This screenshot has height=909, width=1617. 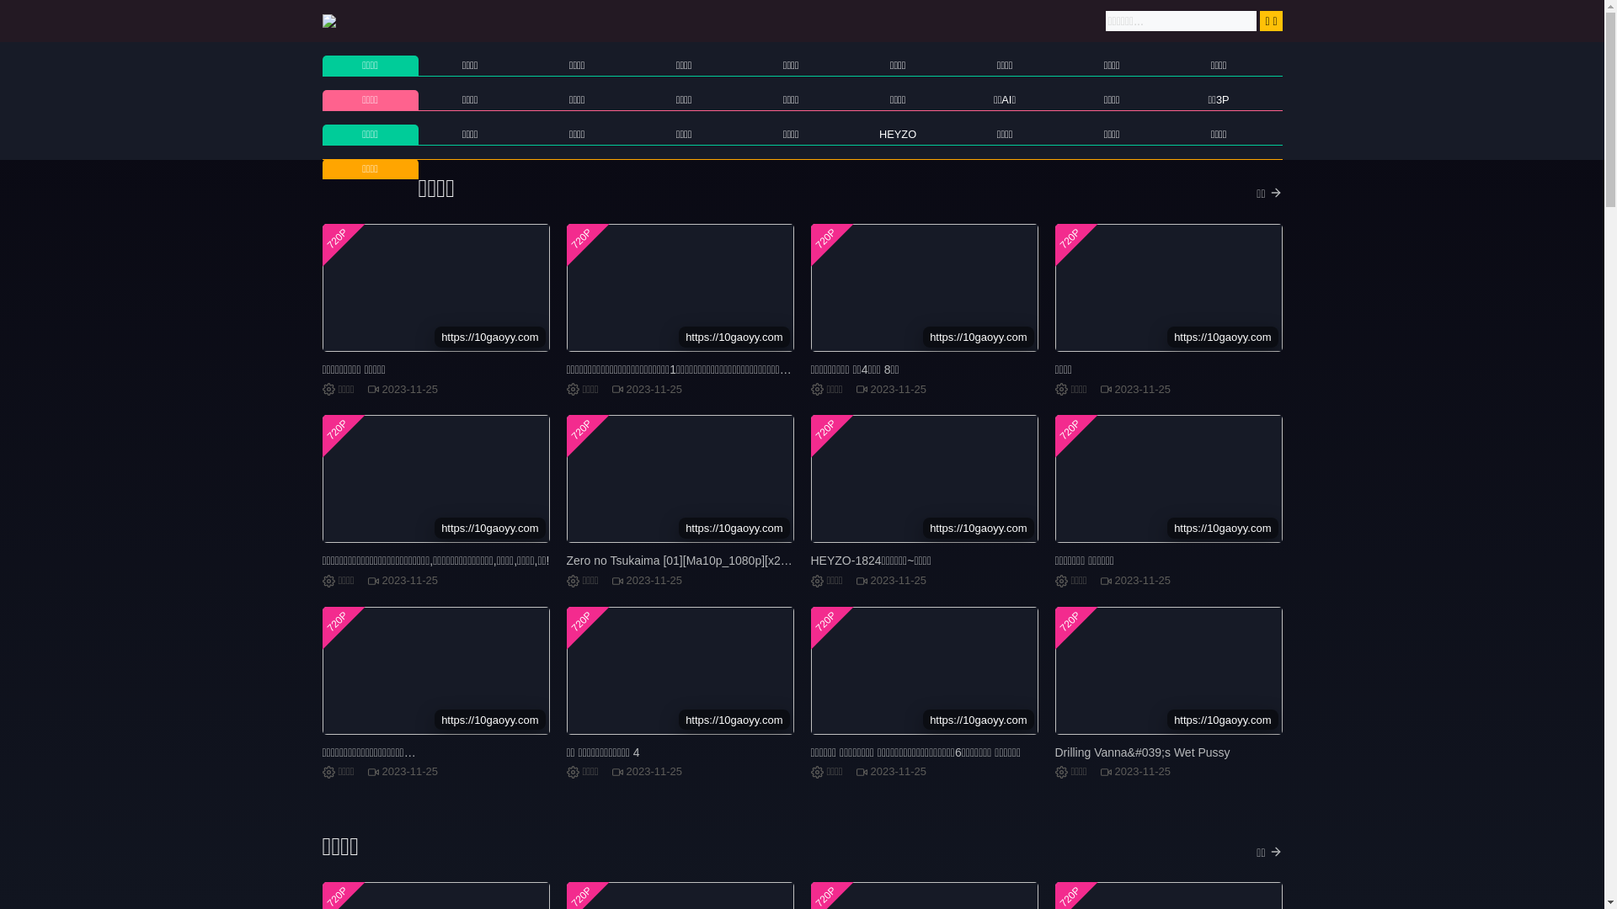 I want to click on '720P, so click(x=1167, y=287).